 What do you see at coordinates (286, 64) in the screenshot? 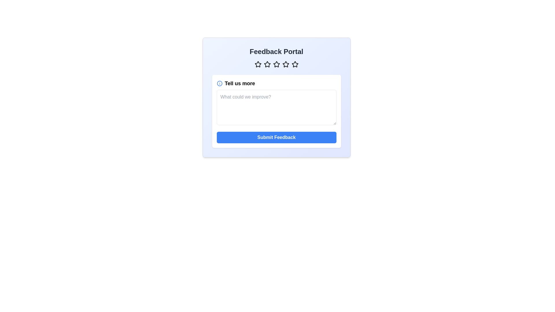
I see `the fourth star-shaped icon in the horizontal sequence of five icons at the center top of the interface` at bounding box center [286, 64].